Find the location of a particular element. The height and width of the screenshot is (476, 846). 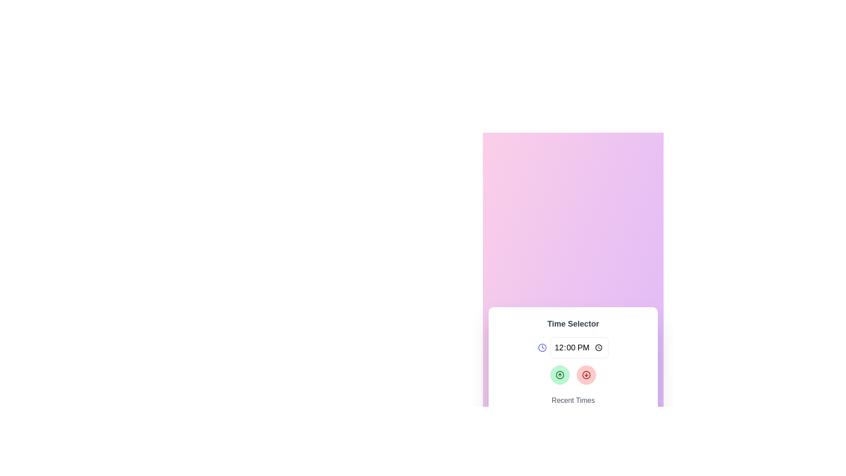

the upward arrow icon button located within a green circular button, positioned below the 'Time Selector' label and to the left of a red downward arrow button is located at coordinates (560, 375).